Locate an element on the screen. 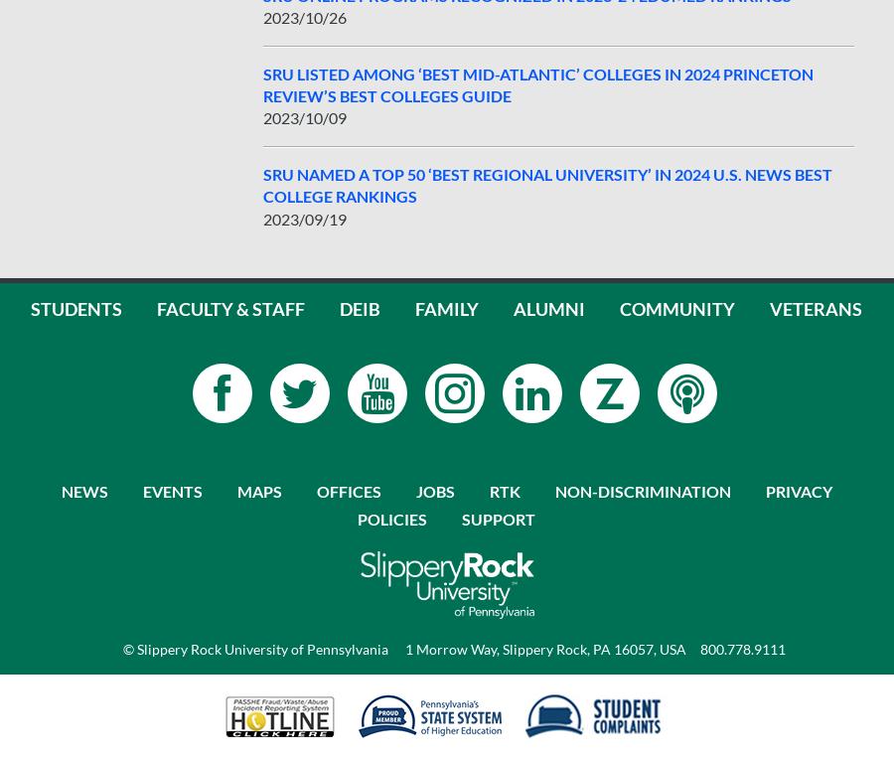 Image resolution: width=894 pixels, height=757 pixels. '2023/10/26' is located at coordinates (303, 16).